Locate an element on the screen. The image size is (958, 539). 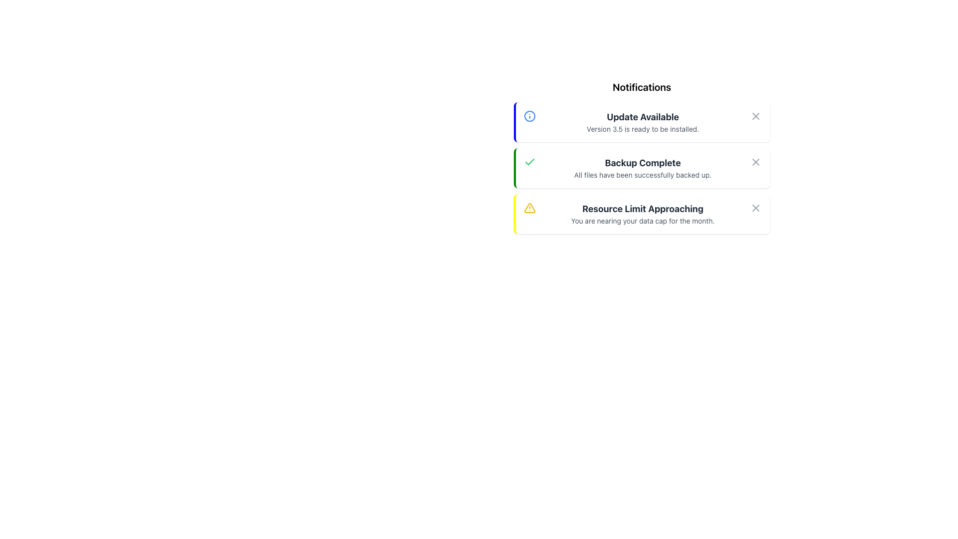
the alert text that provides additional information about the resource limit approaching warning, located under the heading 'Resource Limit Approaching' within the third notification card is located at coordinates (643, 221).